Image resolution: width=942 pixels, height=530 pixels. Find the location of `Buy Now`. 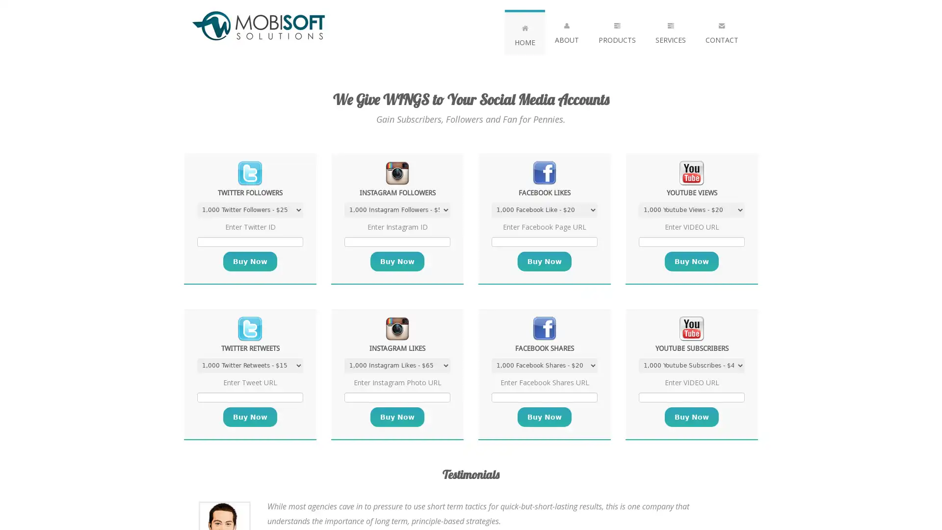

Buy Now is located at coordinates (544, 417).